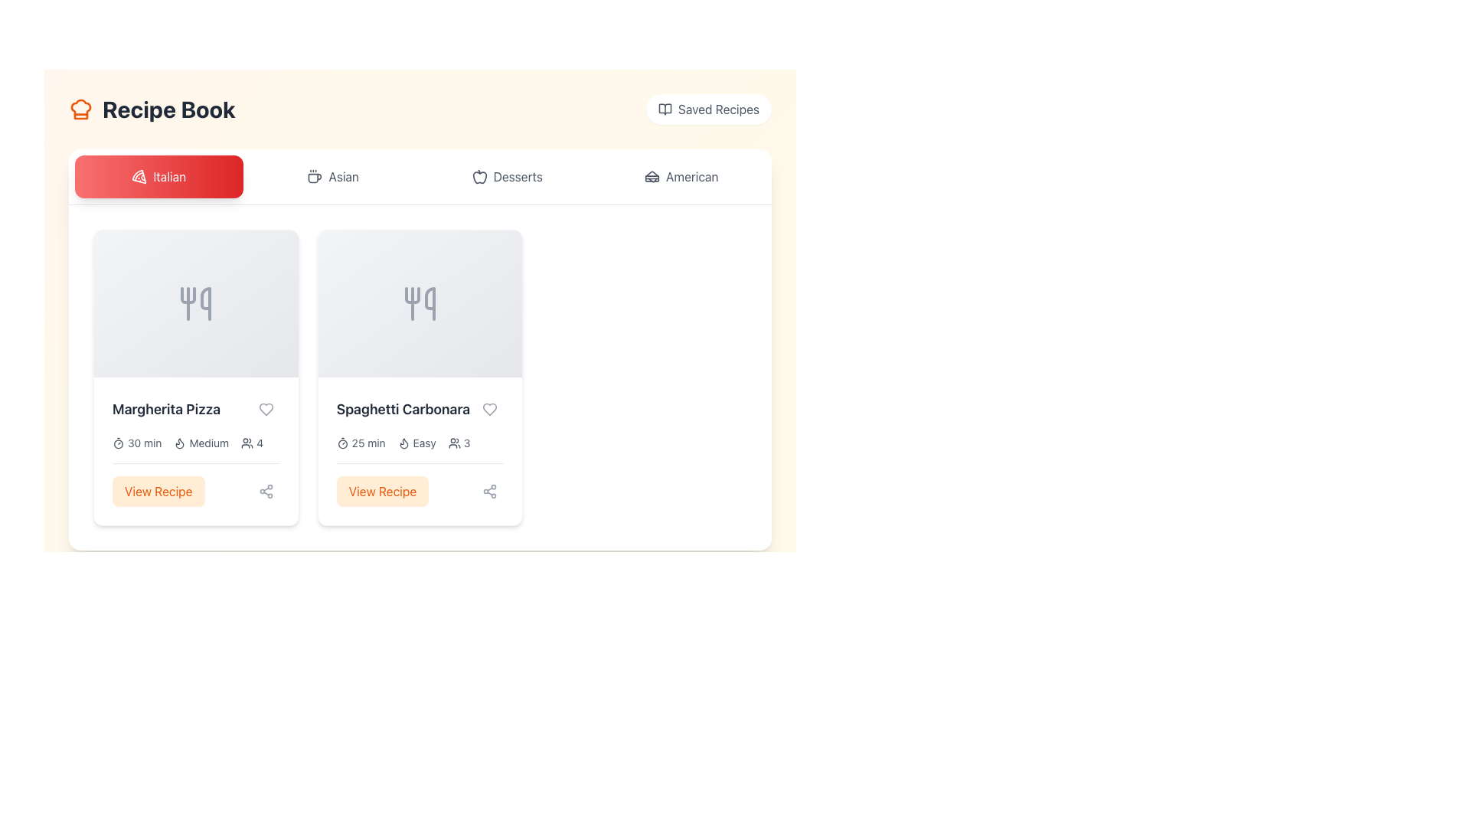  What do you see at coordinates (416, 443) in the screenshot?
I see `the informative label with an icon that indicates the difficulty level of the 'Spaghetti Carbonara' recipe, located in the second row under the recipe title, to the right of the '25 min' indicator and to the left of the '3' indicator` at bounding box center [416, 443].